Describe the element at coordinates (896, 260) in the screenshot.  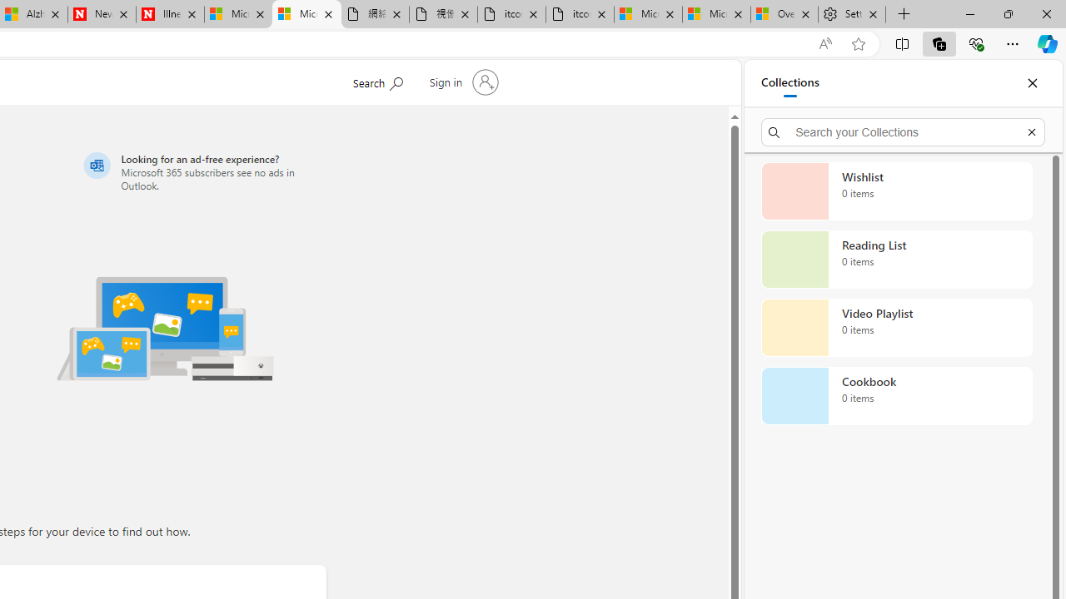
I see `'Reading List collection, 0 items'` at that location.